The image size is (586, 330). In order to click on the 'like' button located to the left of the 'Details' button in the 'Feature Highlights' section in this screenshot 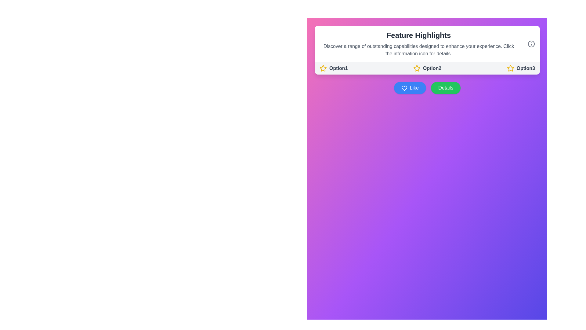, I will do `click(410, 88)`.